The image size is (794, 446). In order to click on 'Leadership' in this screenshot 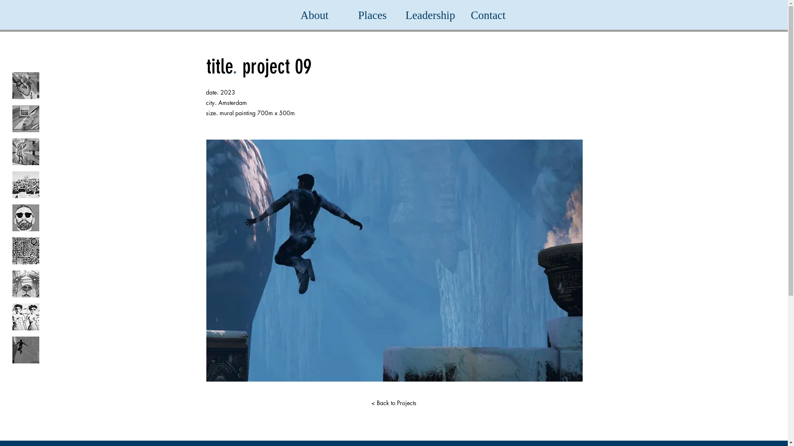, I will do `click(430, 15)`.